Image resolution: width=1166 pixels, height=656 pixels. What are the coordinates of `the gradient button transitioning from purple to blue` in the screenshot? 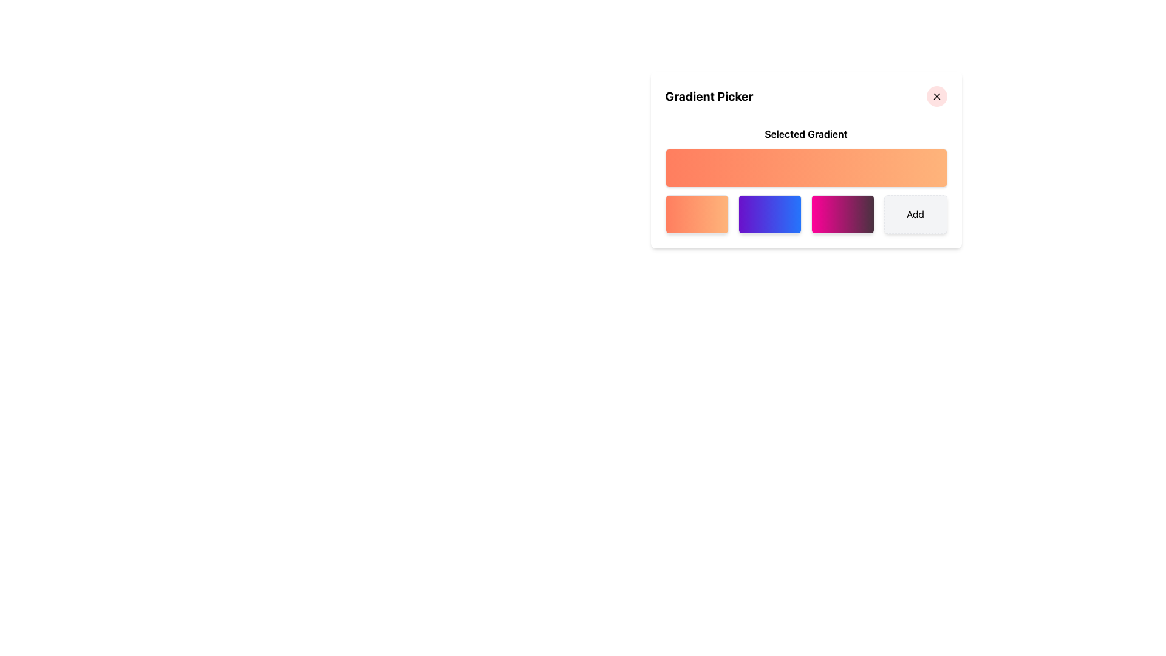 It's located at (769, 214).